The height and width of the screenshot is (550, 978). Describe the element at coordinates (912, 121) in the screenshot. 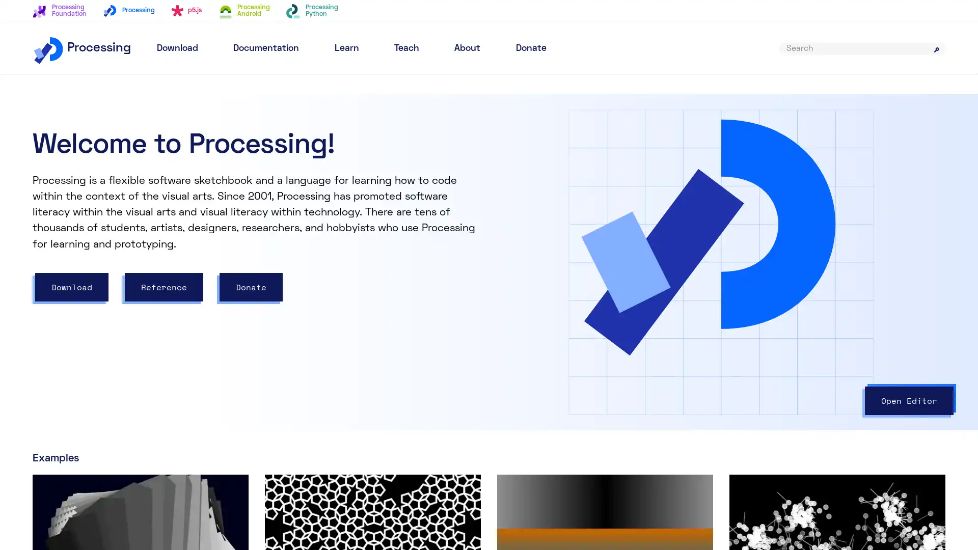

I see `Reset` at that location.